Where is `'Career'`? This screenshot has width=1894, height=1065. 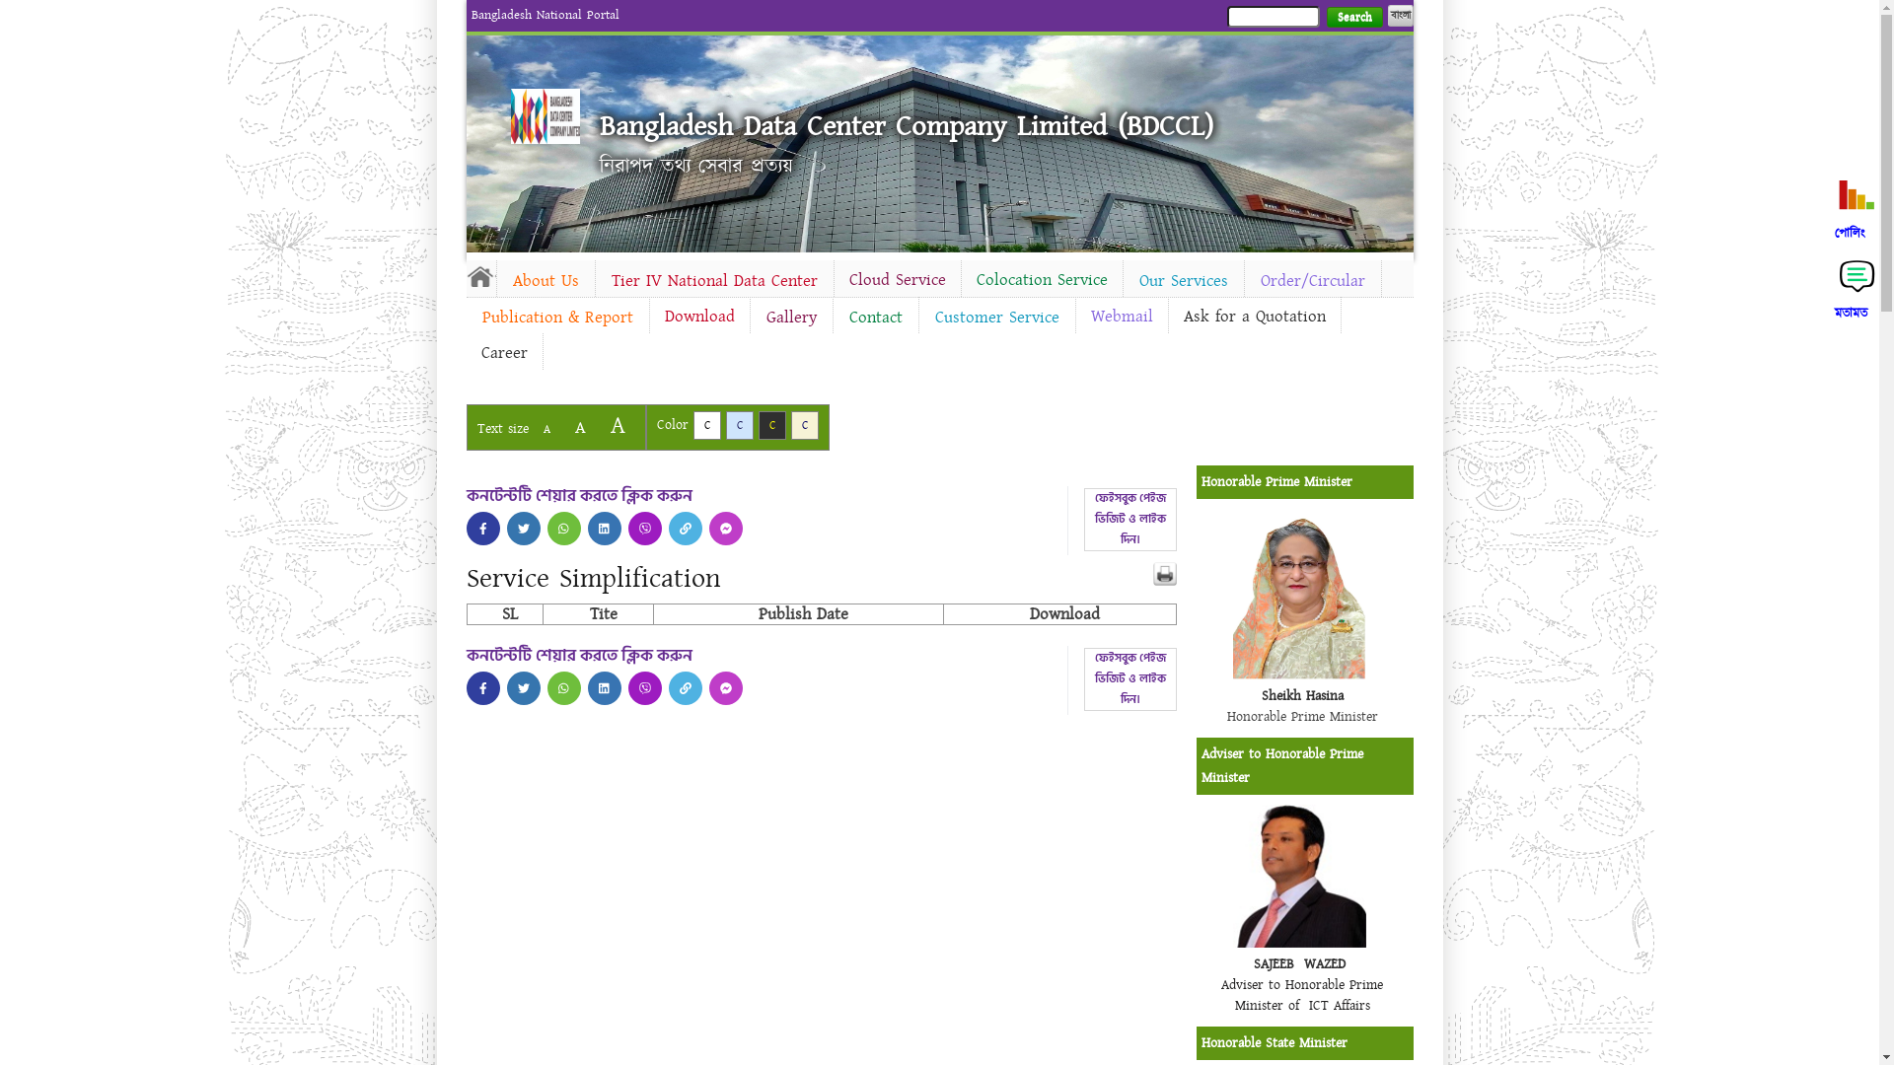
'Career' is located at coordinates (503, 352).